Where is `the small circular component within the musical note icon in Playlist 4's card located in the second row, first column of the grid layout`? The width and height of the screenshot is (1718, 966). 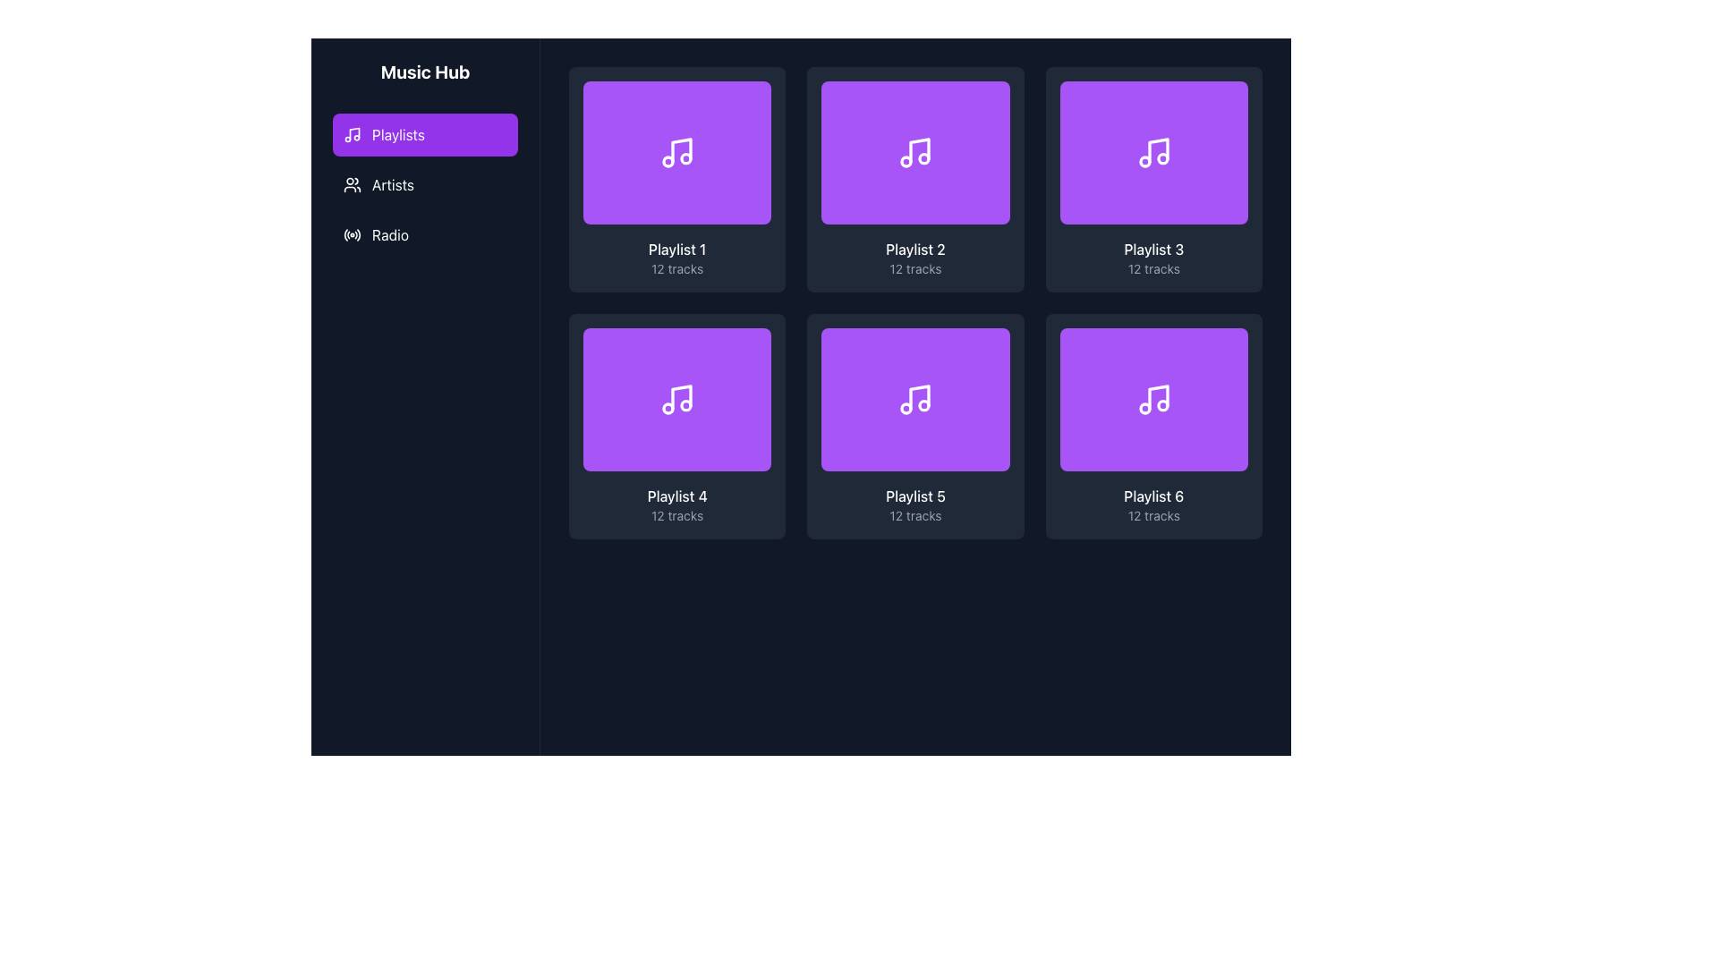
the small circular component within the musical note icon in Playlist 4's card located in the second row, first column of the grid layout is located at coordinates (685, 405).